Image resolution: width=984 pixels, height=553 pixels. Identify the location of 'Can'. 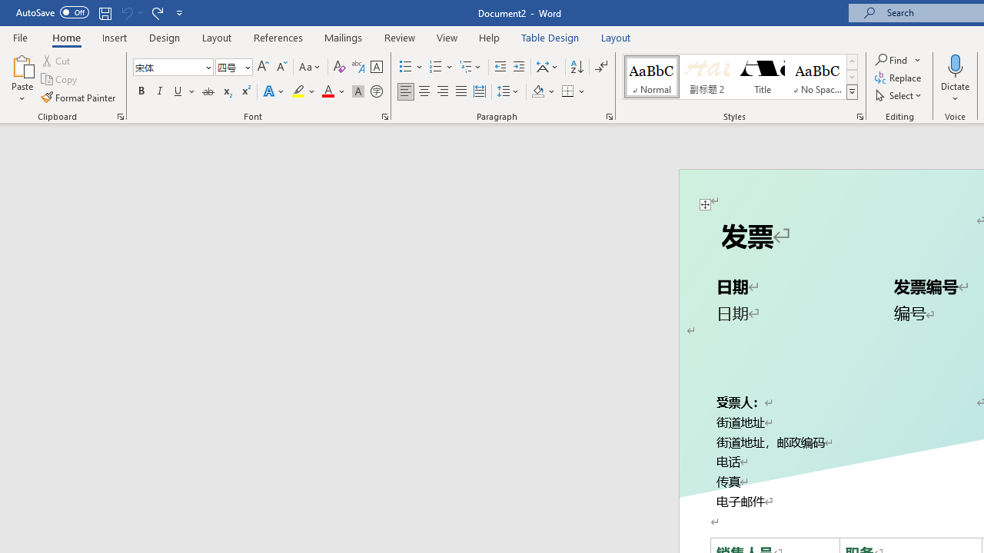
(126, 12).